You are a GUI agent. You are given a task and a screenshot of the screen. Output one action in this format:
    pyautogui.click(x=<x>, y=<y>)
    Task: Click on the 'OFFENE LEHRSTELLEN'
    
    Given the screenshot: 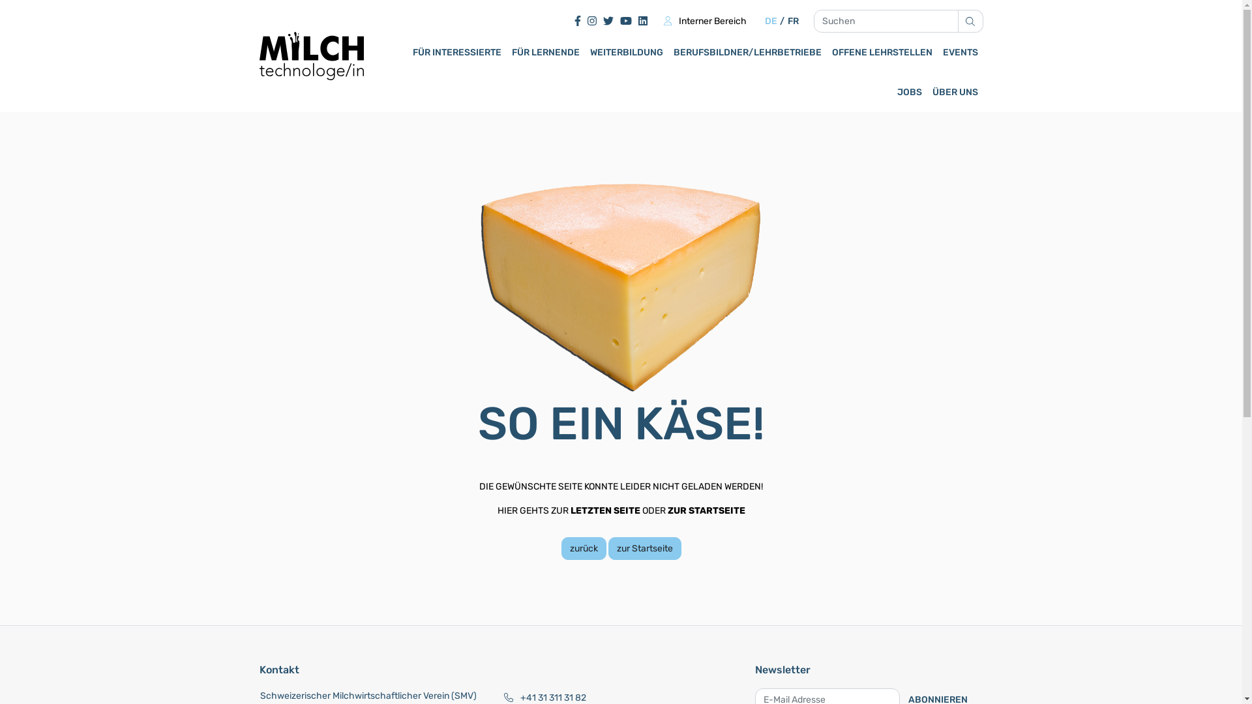 What is the action you would take?
    pyautogui.click(x=826, y=51)
    